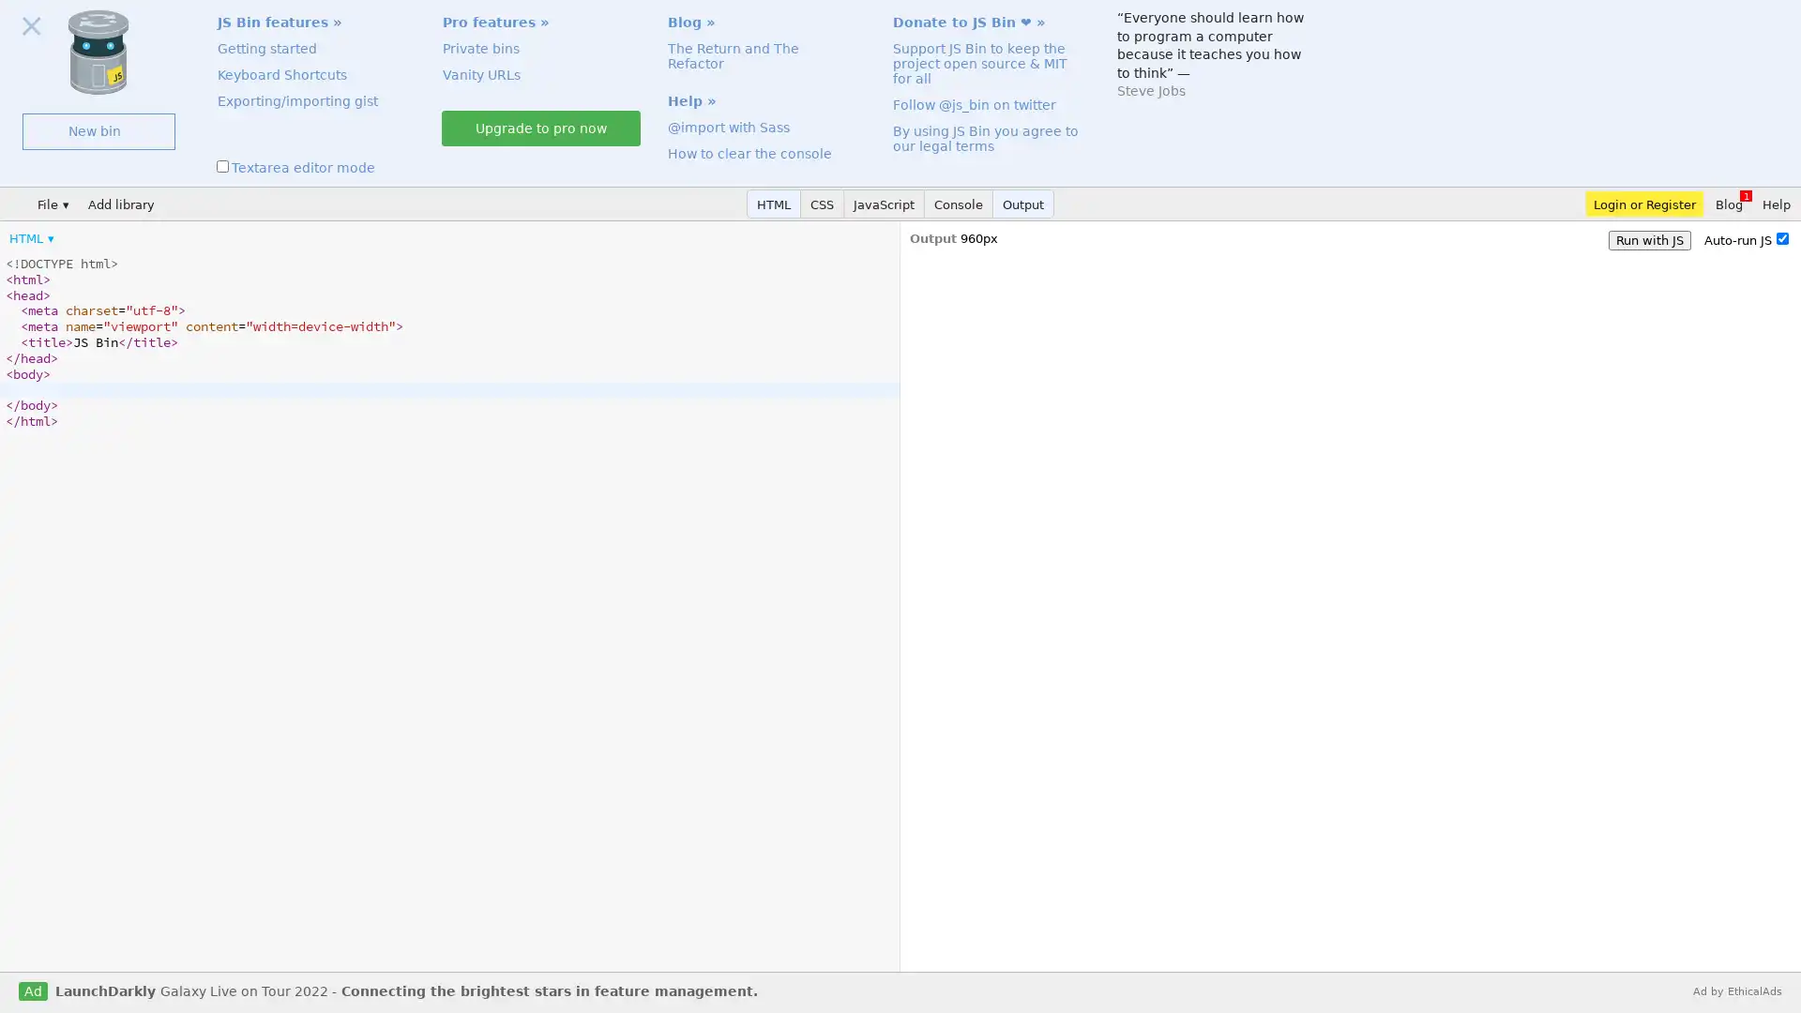 This screenshot has width=1801, height=1013. I want to click on Console Panel: Inactive, so click(959, 204).